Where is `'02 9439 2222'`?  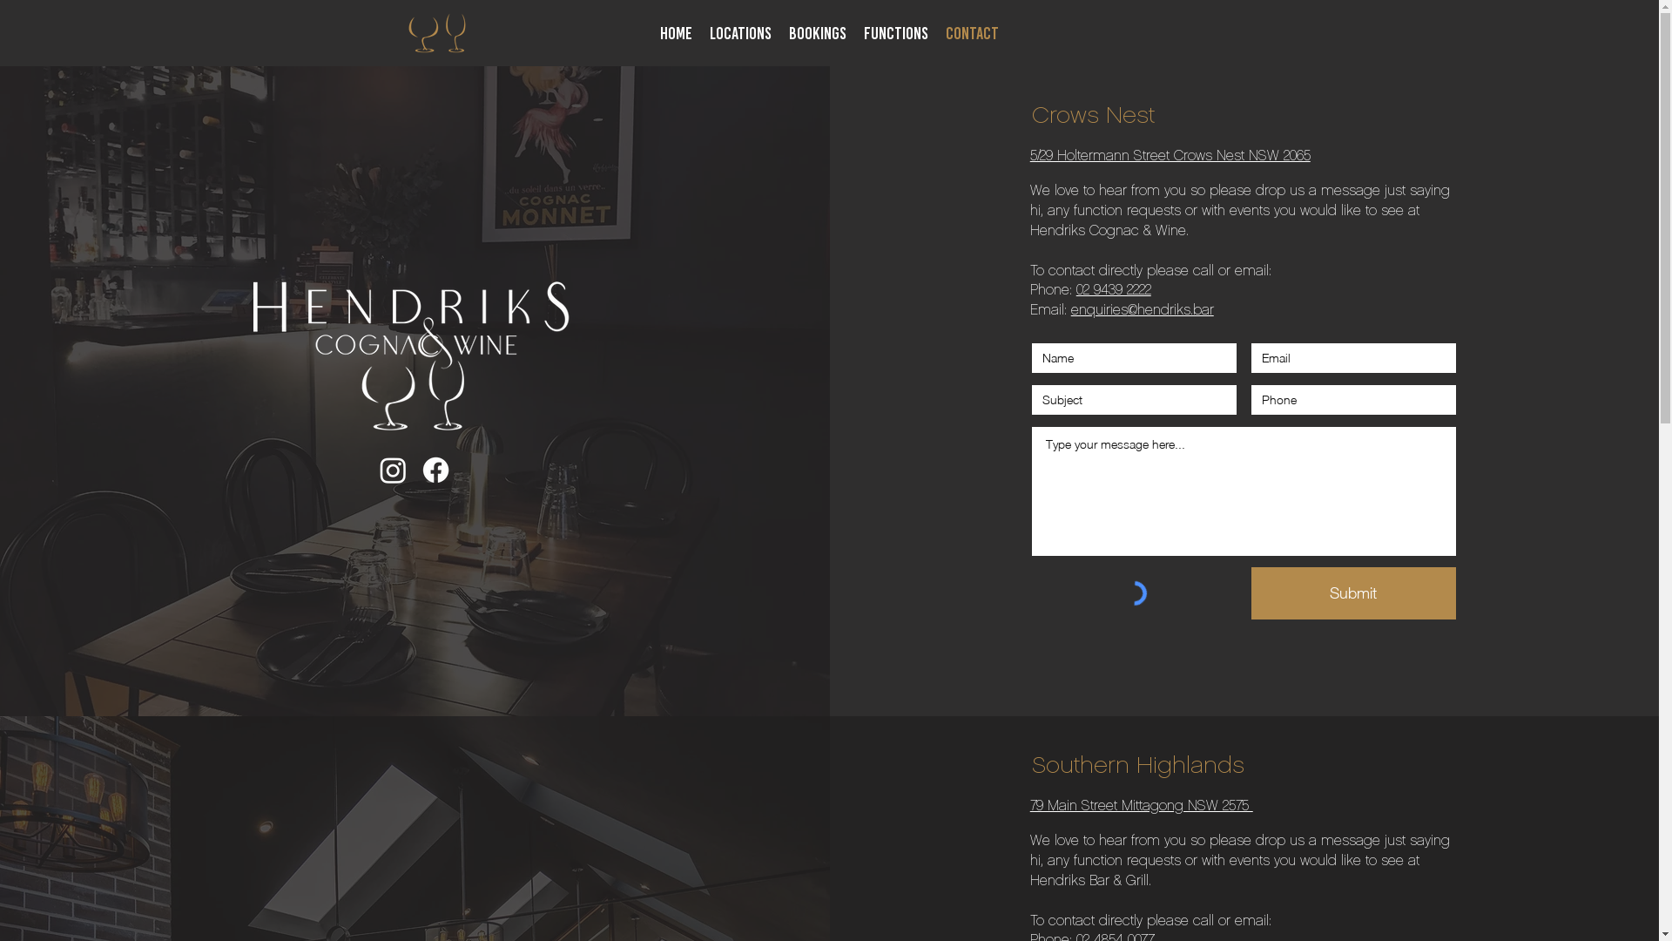 '02 9439 2222' is located at coordinates (1112, 289).